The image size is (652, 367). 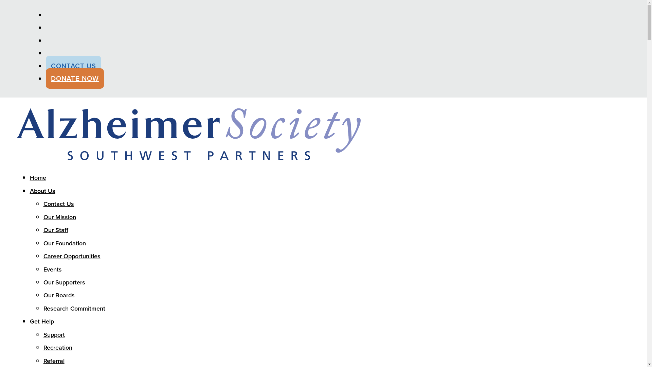 I want to click on 'Our Supporters', so click(x=64, y=282).